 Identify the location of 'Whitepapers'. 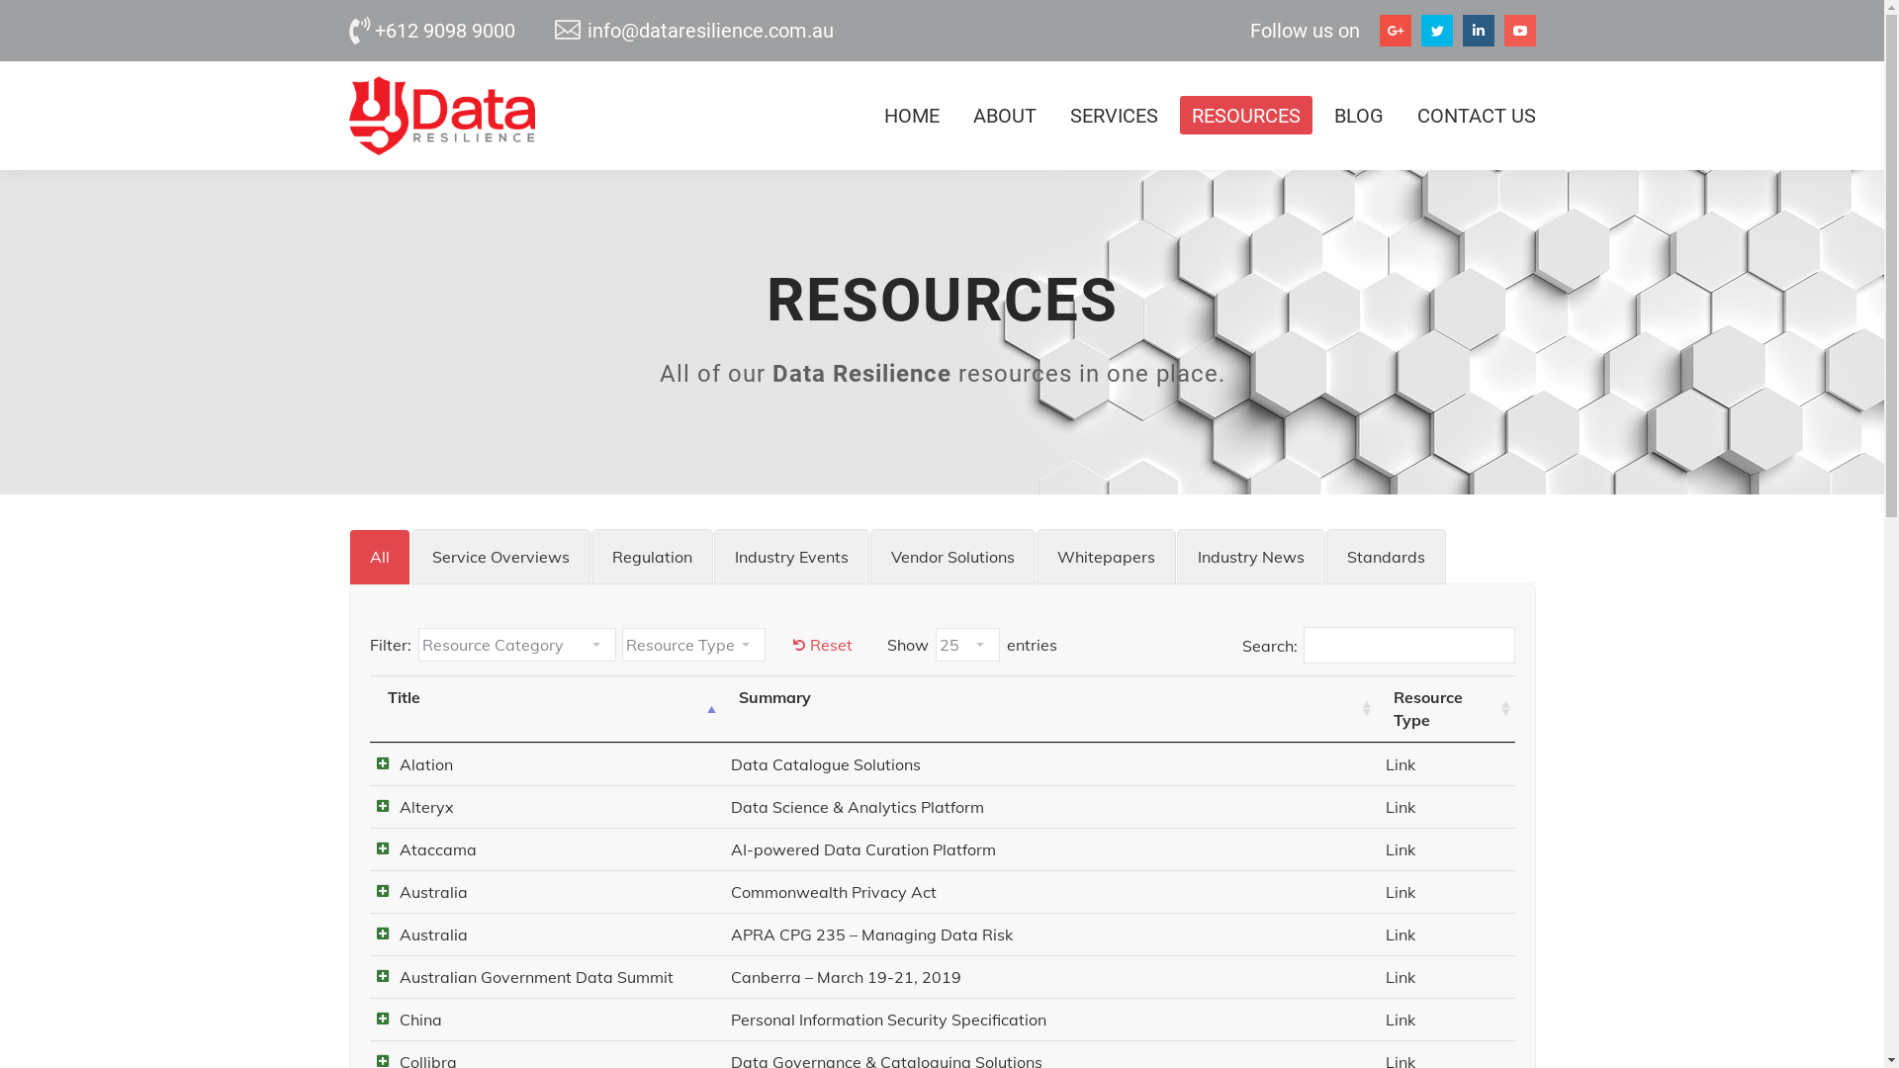
(1035, 557).